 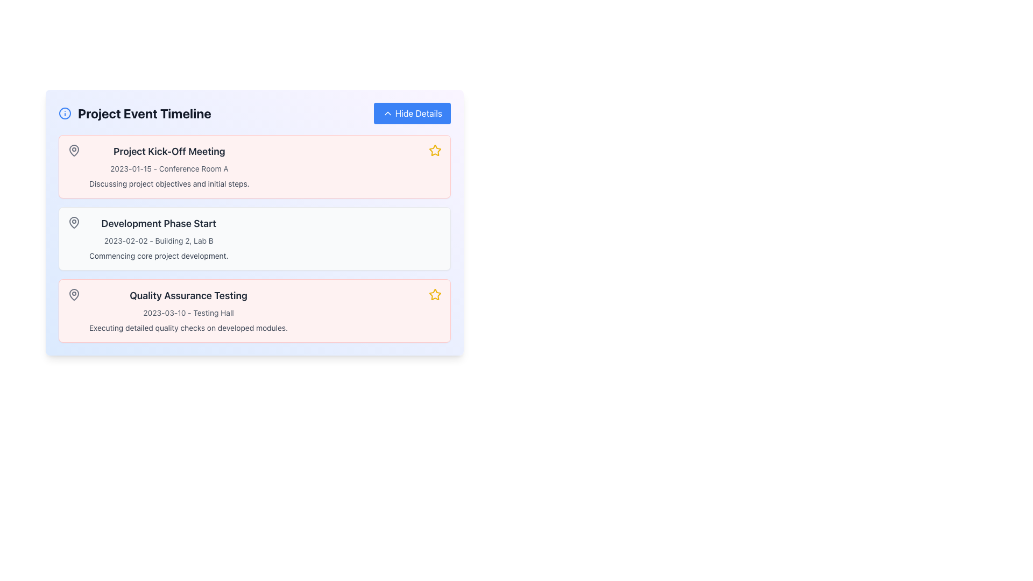 What do you see at coordinates (64, 114) in the screenshot?
I see `the blue circular icon with an information symbol located to the left of the 'Project Event Timeline' heading for details` at bounding box center [64, 114].